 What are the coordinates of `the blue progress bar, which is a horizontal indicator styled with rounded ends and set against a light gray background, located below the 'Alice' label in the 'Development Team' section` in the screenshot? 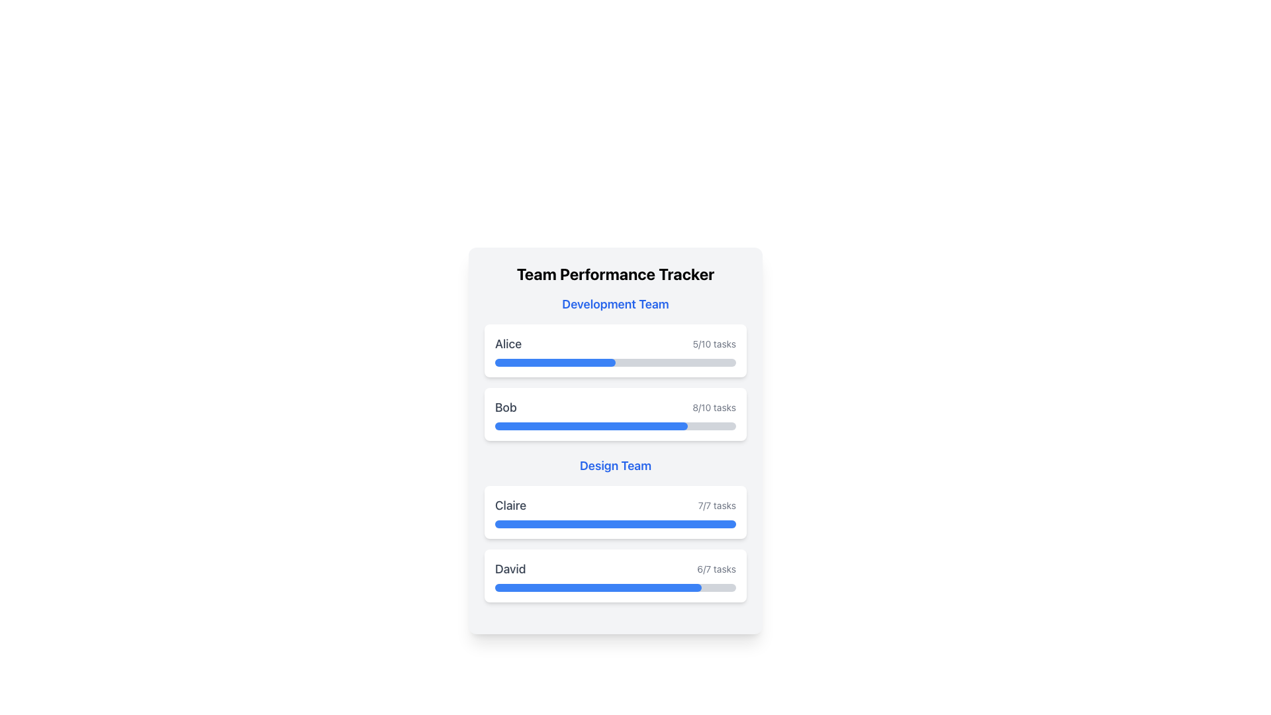 It's located at (555, 362).